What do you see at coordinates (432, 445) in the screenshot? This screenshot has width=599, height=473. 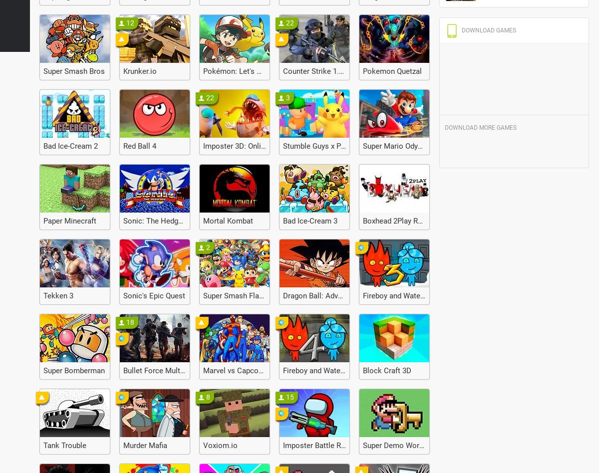 I see `'Super Demo World: The Legend Continues'` at bounding box center [432, 445].